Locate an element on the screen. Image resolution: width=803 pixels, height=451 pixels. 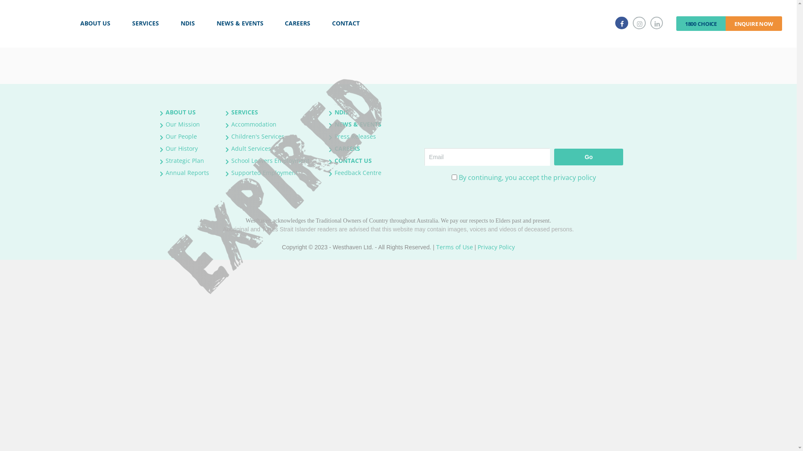
'Go' is located at coordinates (588, 157).